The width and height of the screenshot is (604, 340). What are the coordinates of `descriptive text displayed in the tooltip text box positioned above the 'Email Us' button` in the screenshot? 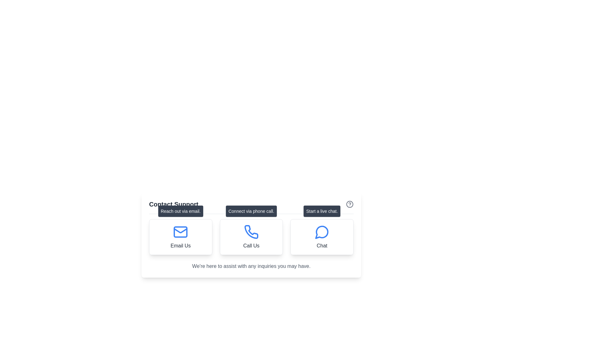 It's located at (180, 211).